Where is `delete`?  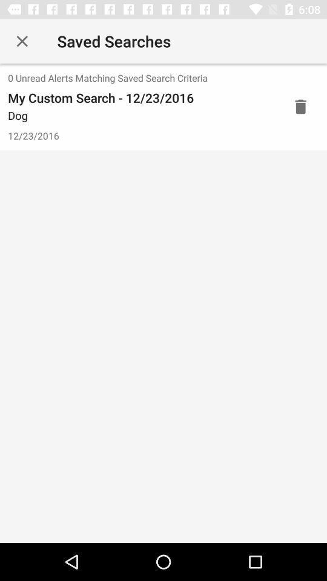
delete is located at coordinates (300, 106).